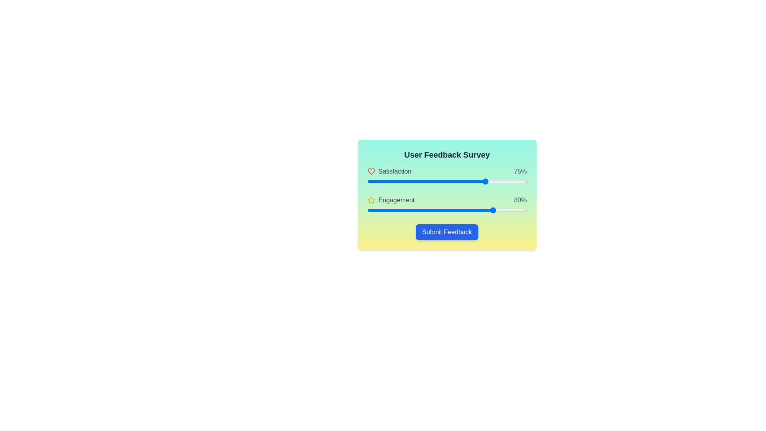 Image resolution: width=766 pixels, height=431 pixels. What do you see at coordinates (370, 210) in the screenshot?
I see `the engagement slider to set its value to 2` at bounding box center [370, 210].